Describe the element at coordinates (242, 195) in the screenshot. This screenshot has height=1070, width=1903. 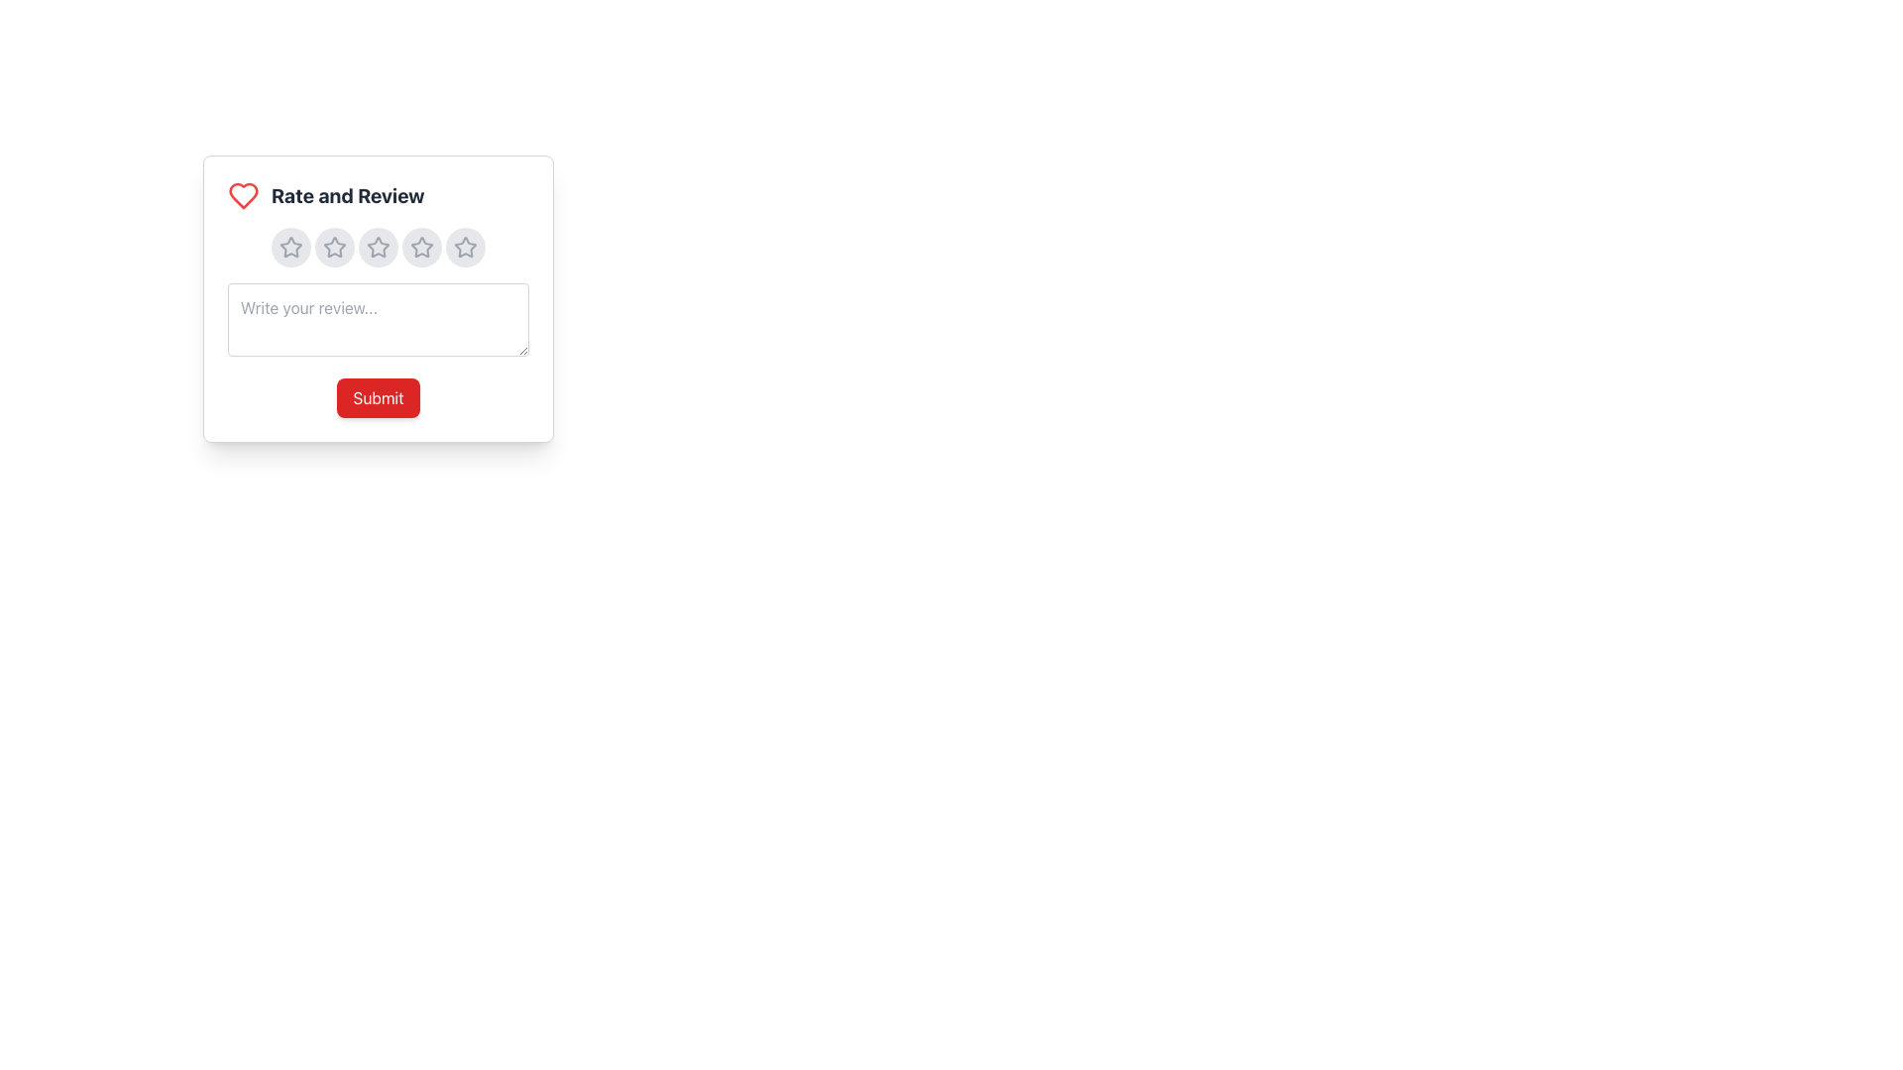
I see `the heart icon located in the header of the 'Rate and Review' section` at that location.